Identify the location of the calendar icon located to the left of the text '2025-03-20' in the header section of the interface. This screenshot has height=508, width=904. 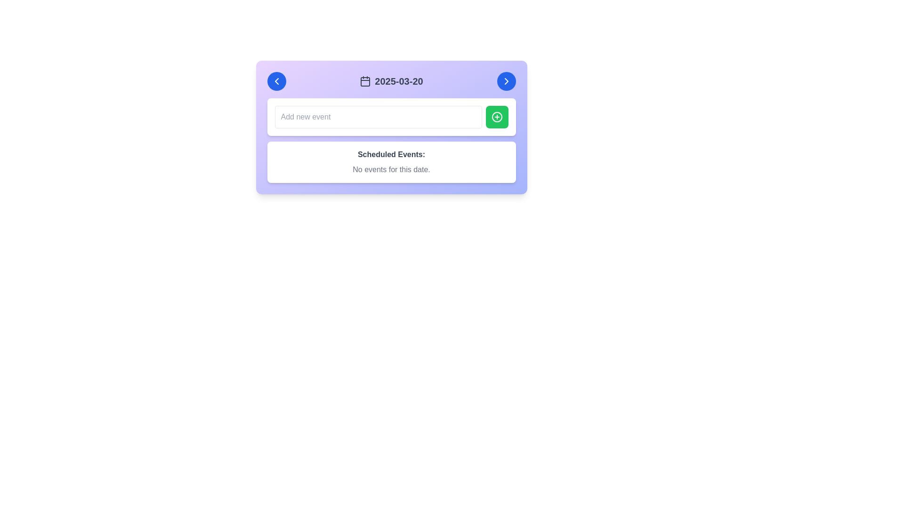
(365, 81).